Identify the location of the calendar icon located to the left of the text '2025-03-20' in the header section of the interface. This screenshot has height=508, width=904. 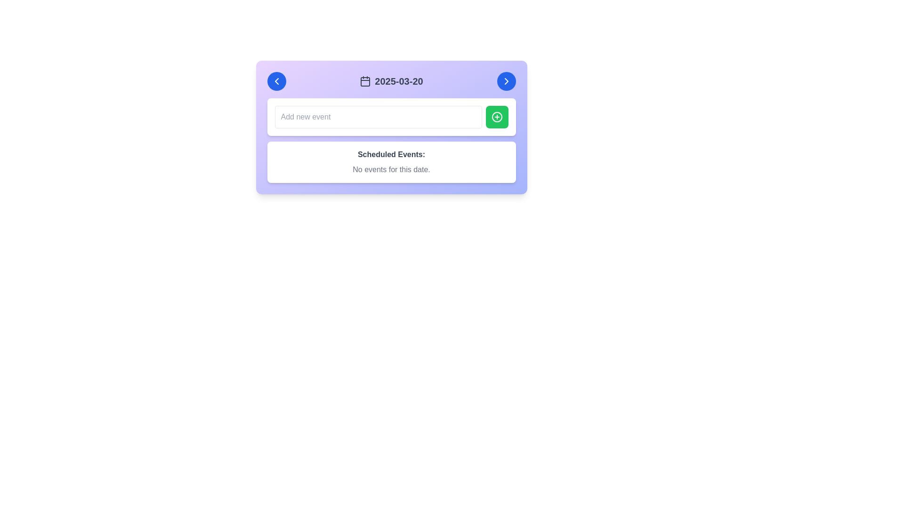
(365, 81).